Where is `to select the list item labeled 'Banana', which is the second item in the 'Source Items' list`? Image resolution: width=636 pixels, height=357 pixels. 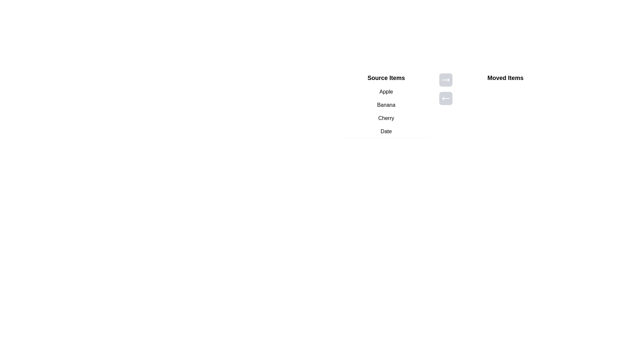
to select the list item labeled 'Banana', which is the second item in the 'Source Items' list is located at coordinates (386, 104).